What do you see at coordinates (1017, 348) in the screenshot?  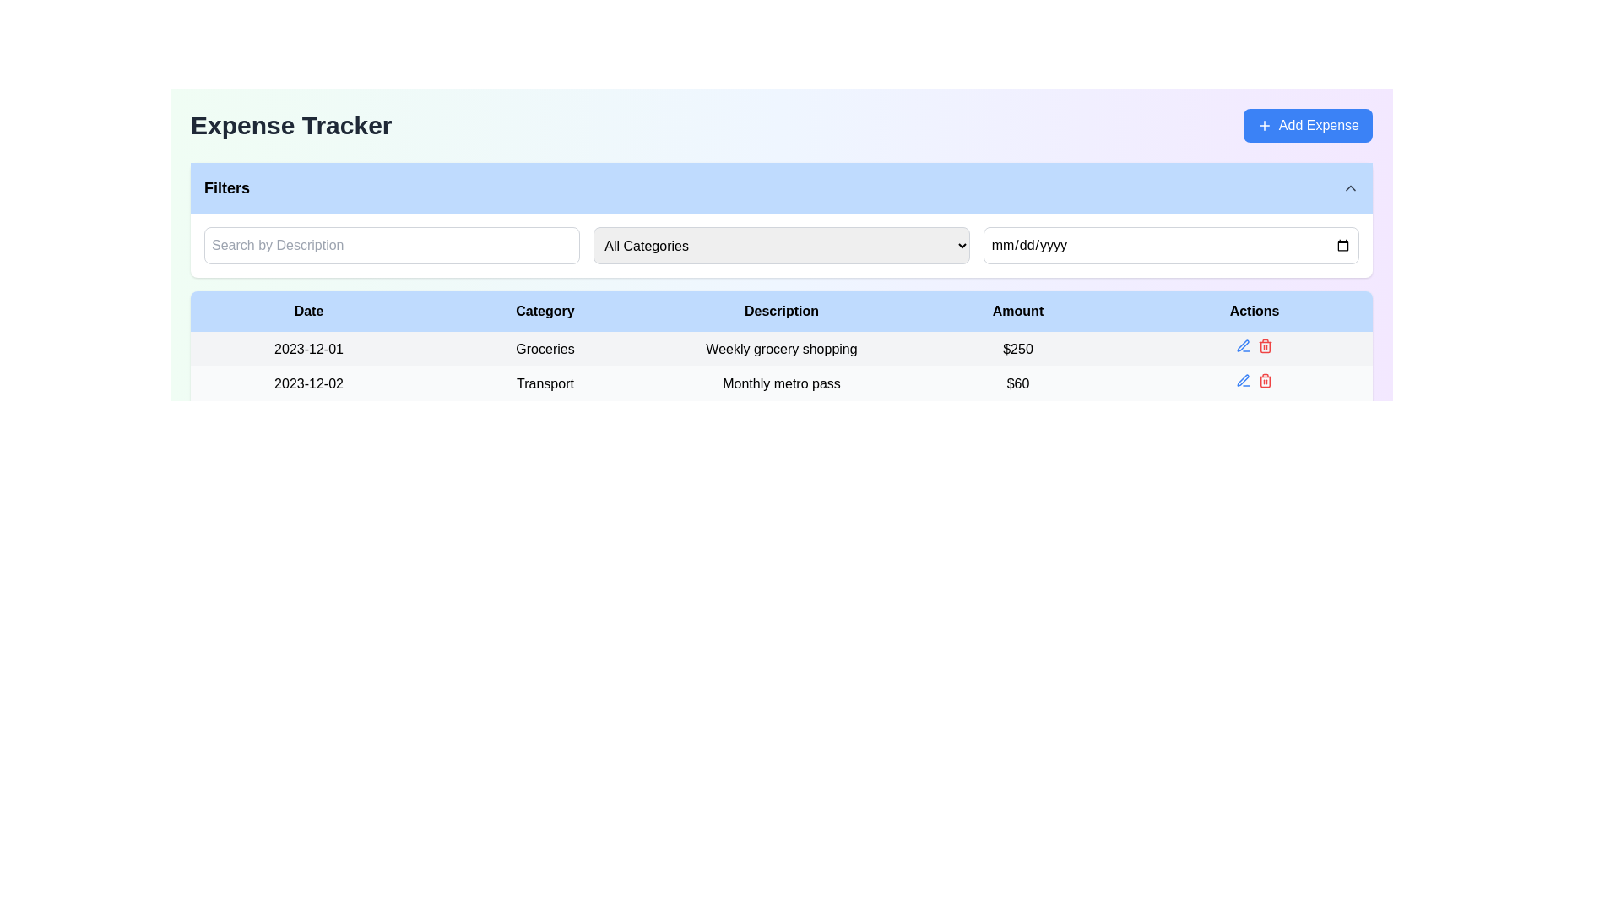 I see `text displayed as '$250' in black font within the first row of the table under the 'Amount' column` at bounding box center [1017, 348].